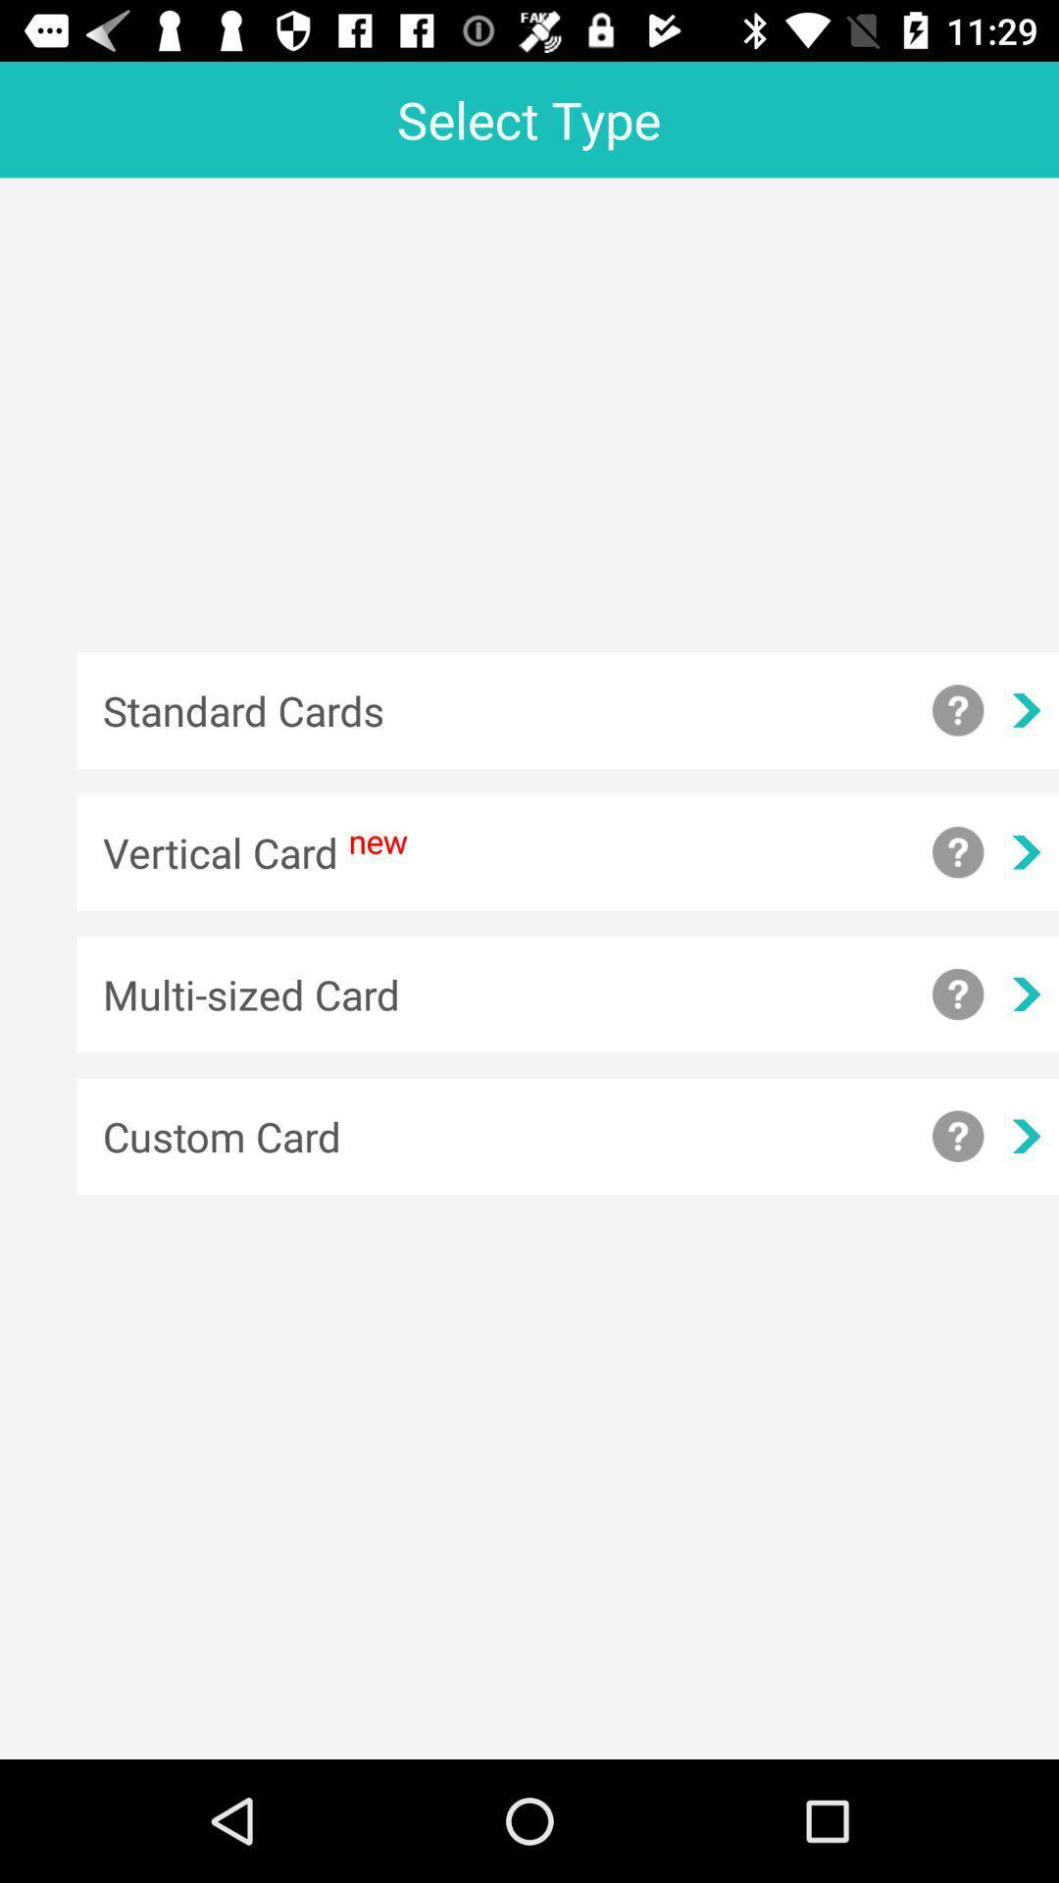 The width and height of the screenshot is (1059, 1883). Describe the element at coordinates (957, 1136) in the screenshot. I see `the help icon` at that location.